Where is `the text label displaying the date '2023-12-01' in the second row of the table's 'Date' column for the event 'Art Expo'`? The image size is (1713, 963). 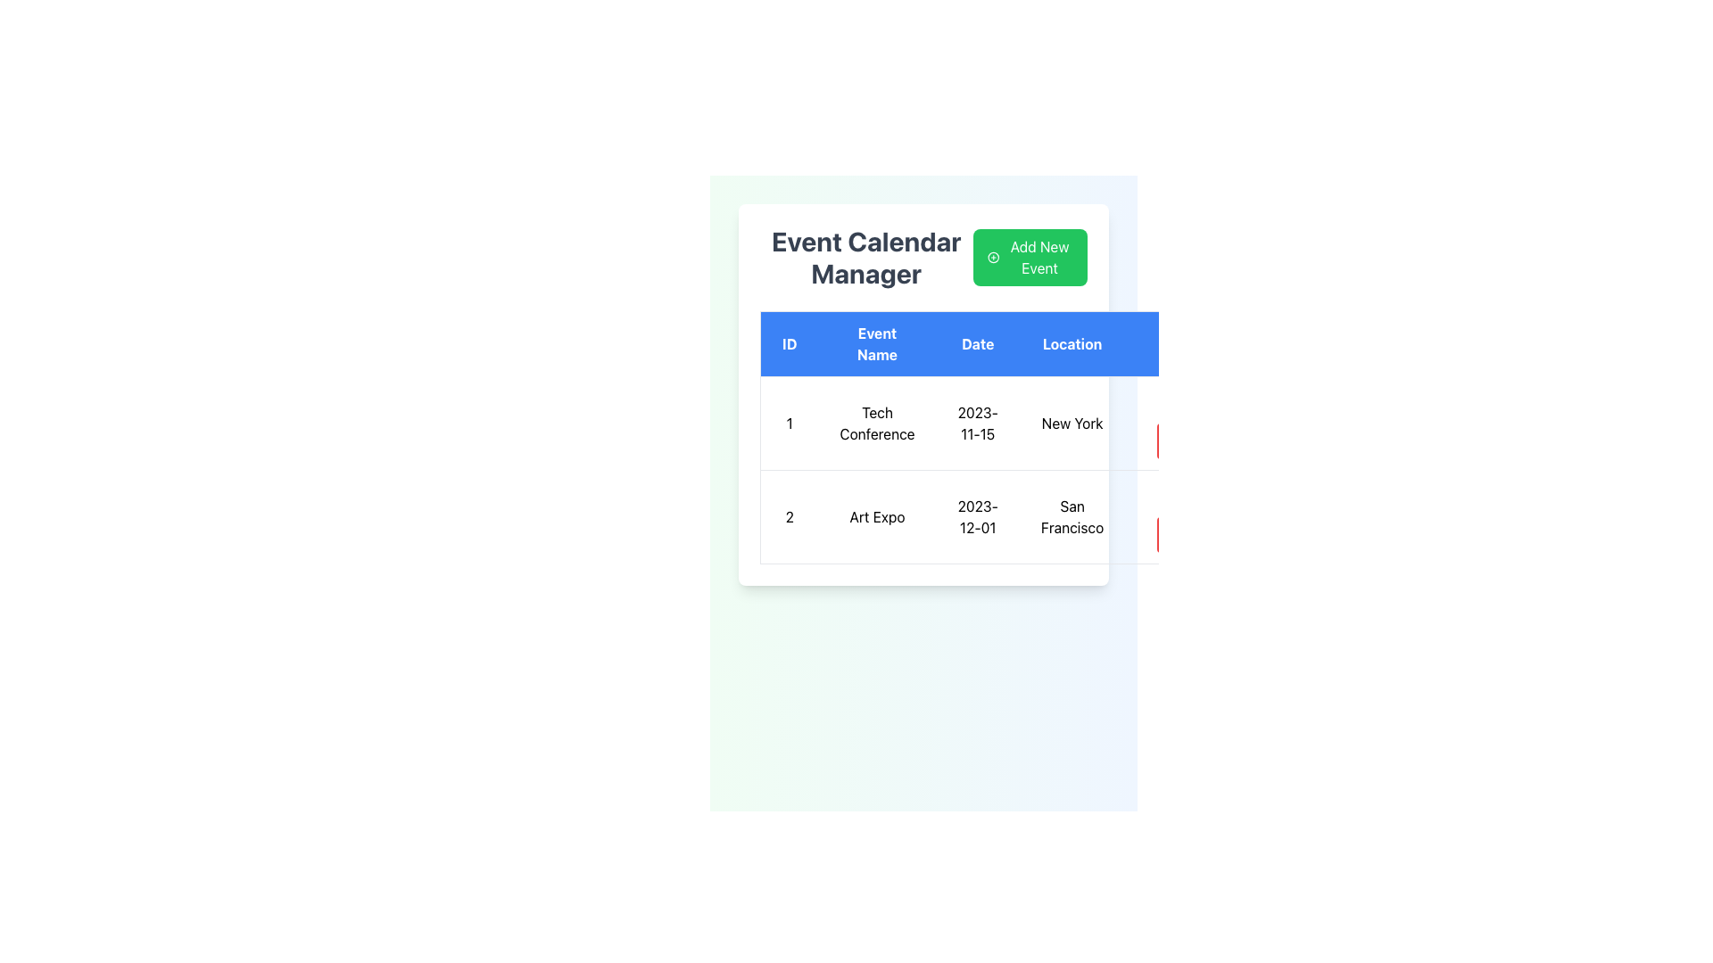
the text label displaying the date '2023-12-01' in the second row of the table's 'Date' column for the event 'Art Expo' is located at coordinates (977, 516).